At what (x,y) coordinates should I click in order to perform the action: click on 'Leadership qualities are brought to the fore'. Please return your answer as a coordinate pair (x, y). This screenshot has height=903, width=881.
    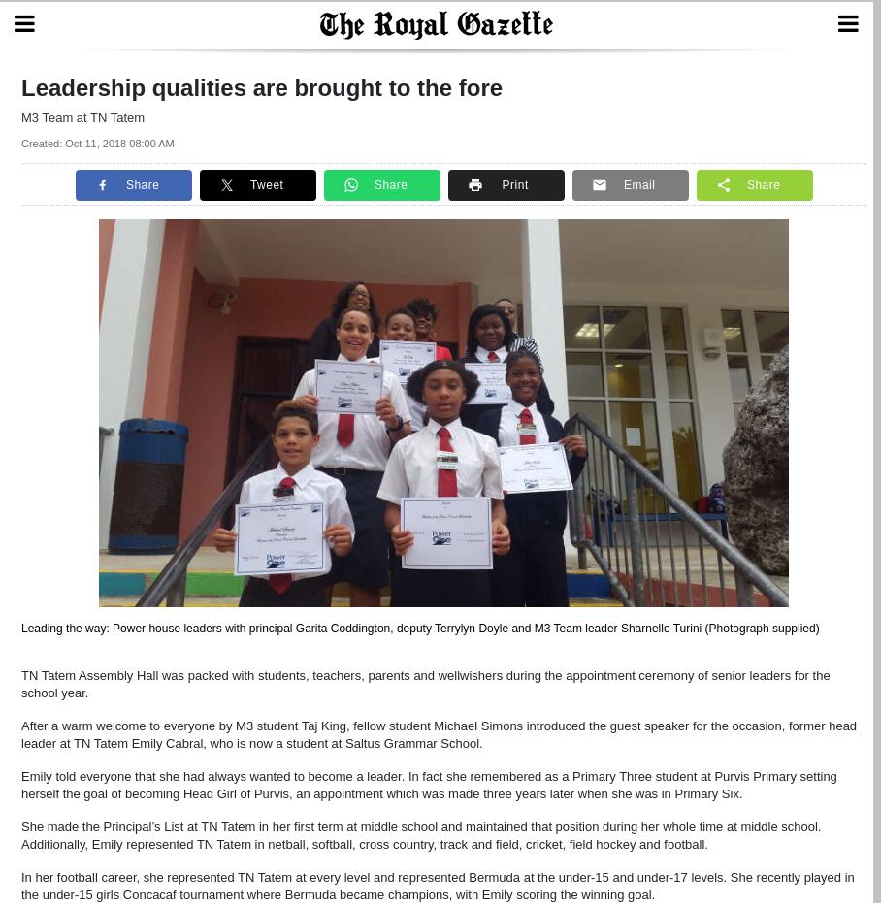
    Looking at the image, I should click on (262, 86).